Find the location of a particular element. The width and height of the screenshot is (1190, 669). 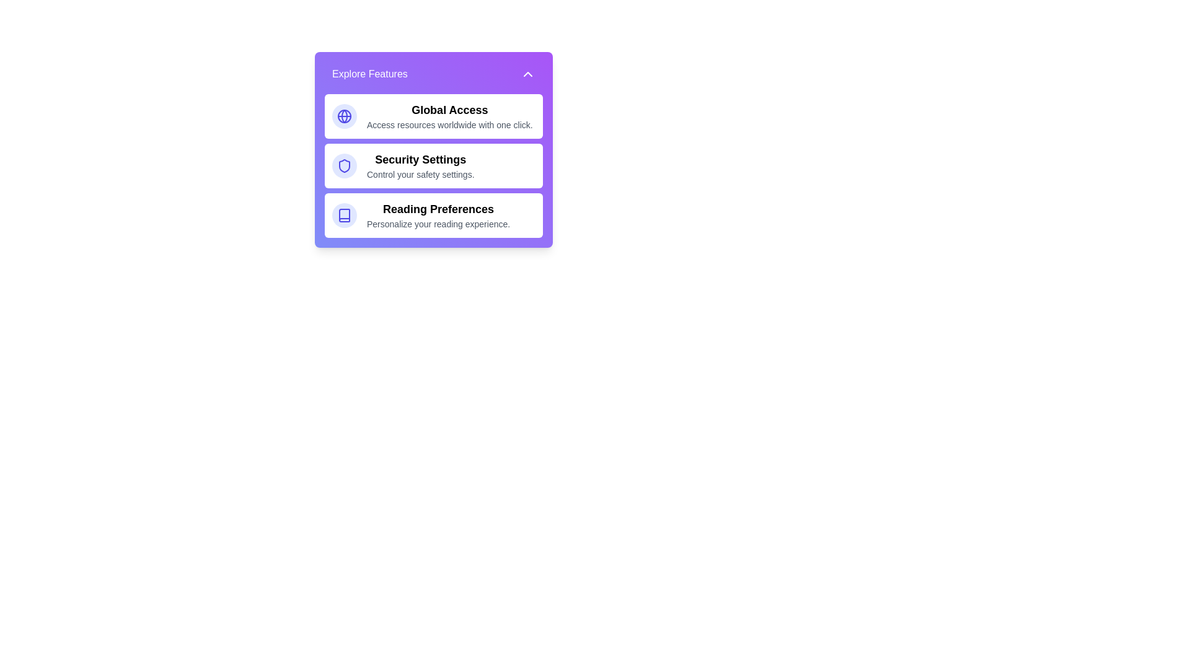

the static text label that serves as a header for the 'Security Settings' section, which is the second option in a vertically stacked list of feature descriptions is located at coordinates (420, 159).